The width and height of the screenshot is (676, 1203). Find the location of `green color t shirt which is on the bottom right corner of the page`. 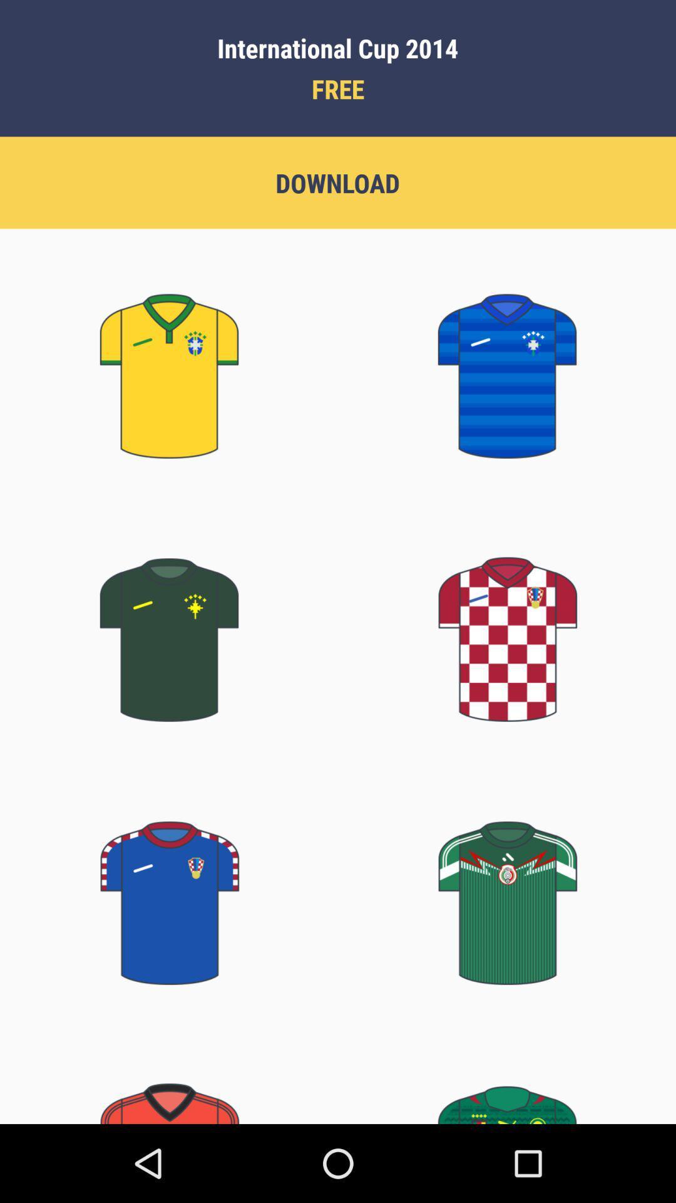

green color t shirt which is on the bottom right corner of the page is located at coordinates (507, 1087).